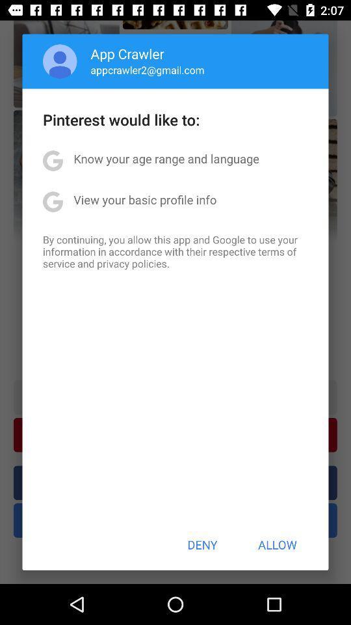 The width and height of the screenshot is (351, 625). Describe the element at coordinates (127, 53) in the screenshot. I see `the item above the appcrawler2@gmail.com item` at that location.